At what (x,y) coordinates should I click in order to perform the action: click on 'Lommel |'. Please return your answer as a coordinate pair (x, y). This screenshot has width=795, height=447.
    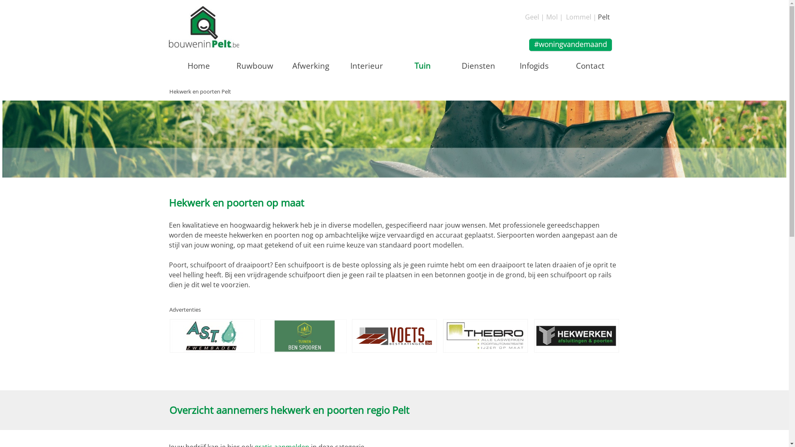
    Looking at the image, I should click on (580, 17).